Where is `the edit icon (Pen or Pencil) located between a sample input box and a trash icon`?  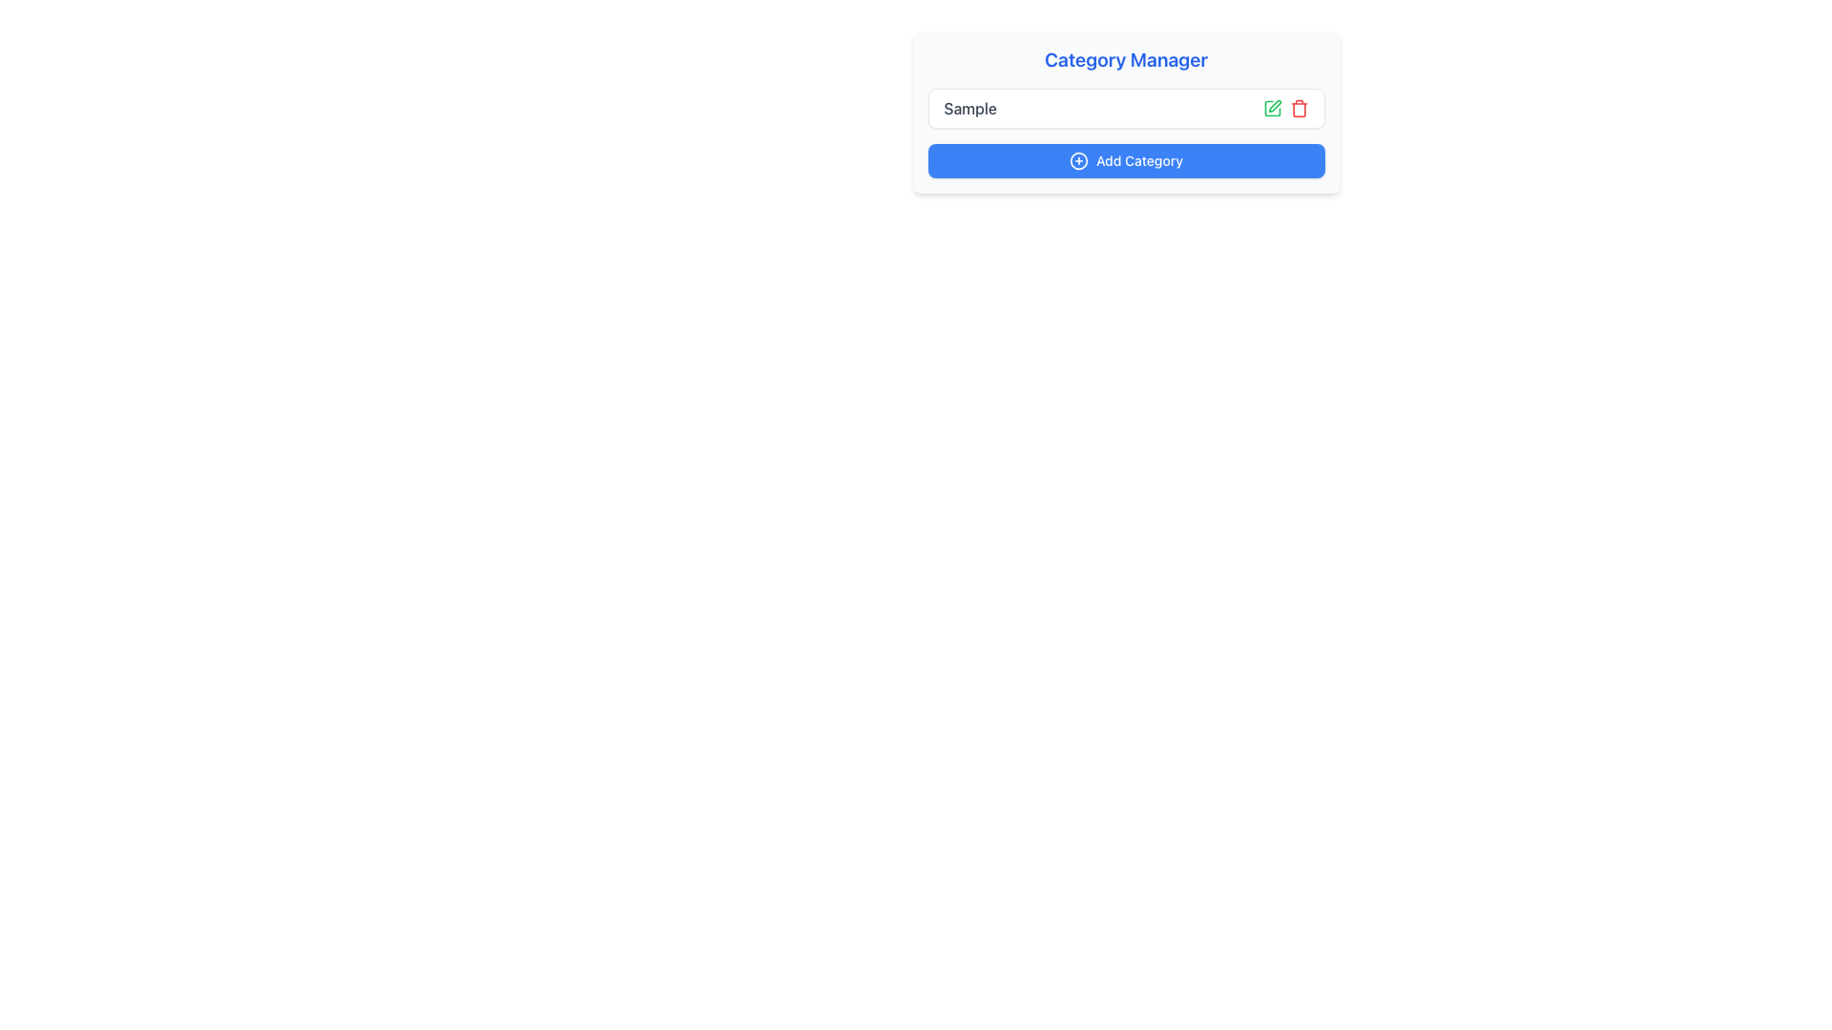 the edit icon (Pen or Pencil) located between a sample input box and a trash icon is located at coordinates (1272, 109).